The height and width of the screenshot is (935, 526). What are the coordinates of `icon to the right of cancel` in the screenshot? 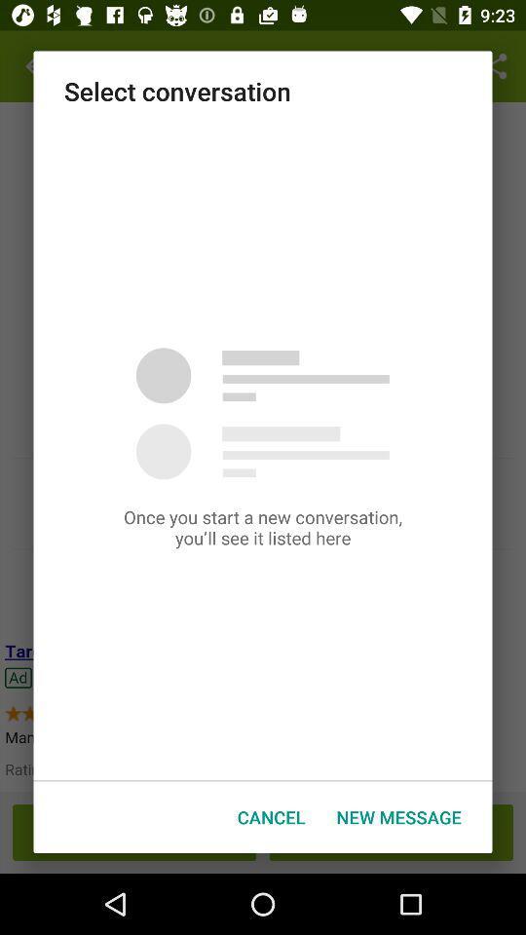 It's located at (397, 817).